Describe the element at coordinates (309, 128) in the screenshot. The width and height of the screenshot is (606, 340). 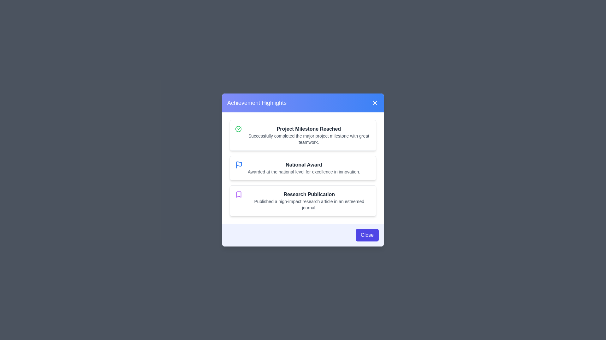
I see `the text label that displays 'Project Milestone Reached', which is prominently styled in dark gray at the top of the 'Achievement Highlights' dialog` at that location.